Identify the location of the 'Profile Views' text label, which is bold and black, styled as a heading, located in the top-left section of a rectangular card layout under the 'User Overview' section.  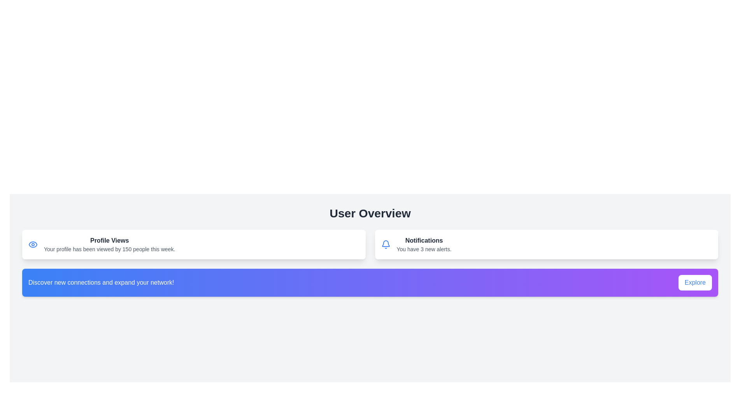
(109, 240).